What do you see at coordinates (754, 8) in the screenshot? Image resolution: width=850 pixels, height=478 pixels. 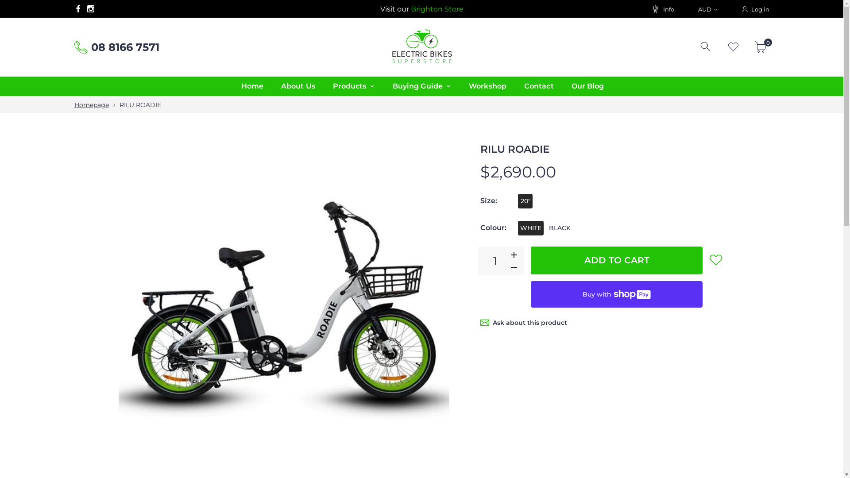 I see `'Log in'` at bounding box center [754, 8].